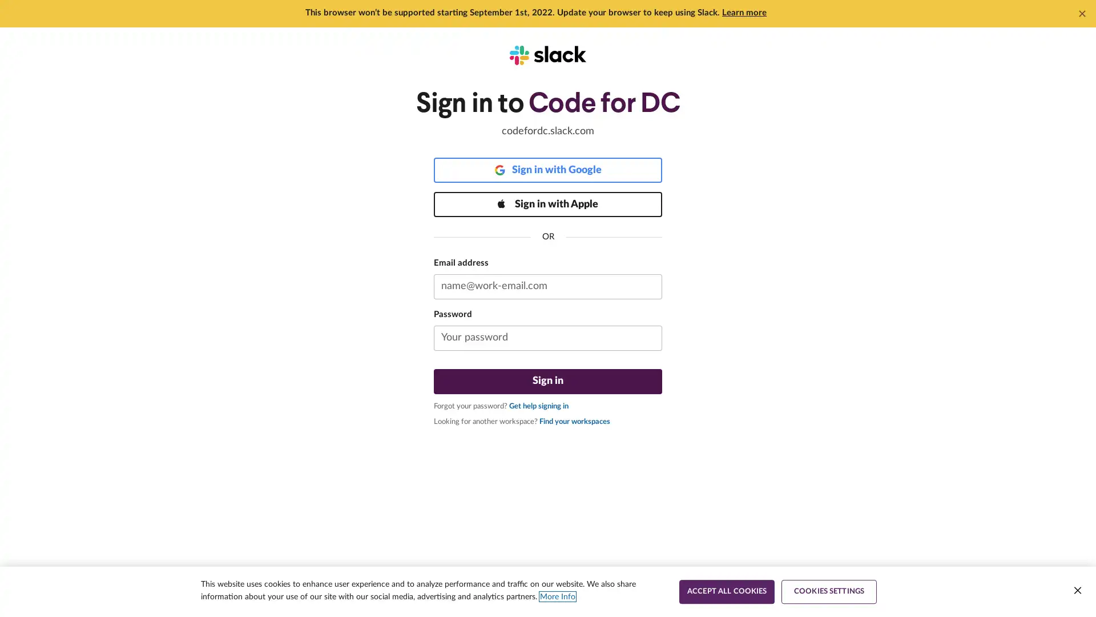 Image resolution: width=1096 pixels, height=617 pixels. Describe the element at coordinates (1077, 590) in the screenshot. I see `Close` at that location.